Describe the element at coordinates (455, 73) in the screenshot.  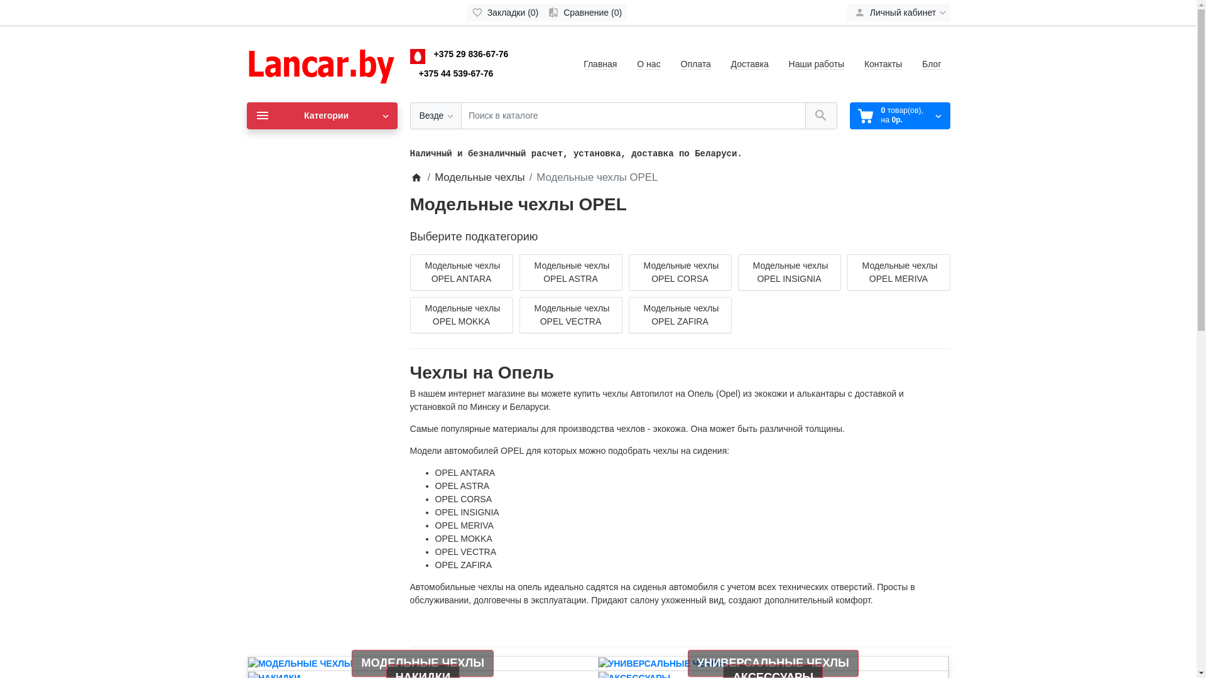
I see `'+375 44 539-67-76'` at that location.